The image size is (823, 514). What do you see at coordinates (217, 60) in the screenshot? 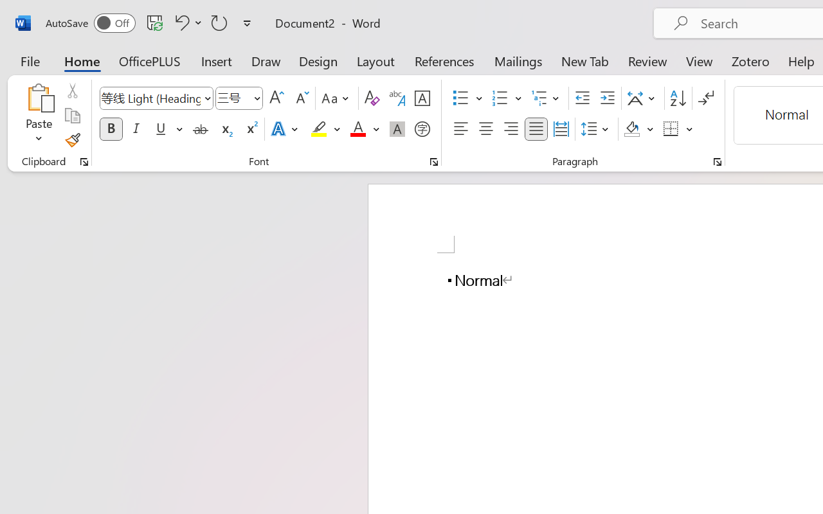
I see `'Insert'` at bounding box center [217, 60].